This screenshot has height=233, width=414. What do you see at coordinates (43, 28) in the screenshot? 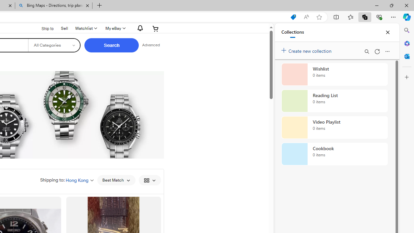
I see `'Ship to'` at bounding box center [43, 28].